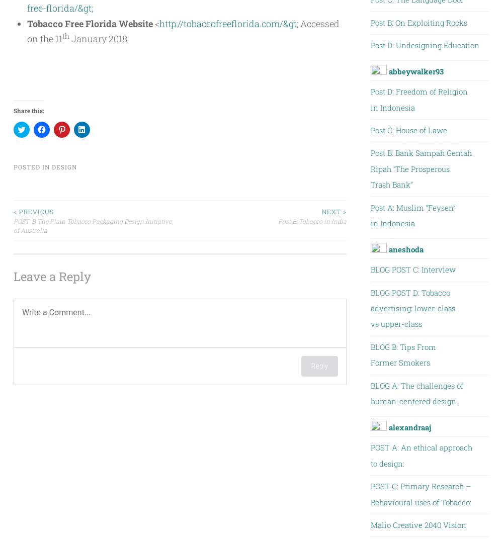  Describe the element at coordinates (153, 23) in the screenshot. I see `'<'` at that location.